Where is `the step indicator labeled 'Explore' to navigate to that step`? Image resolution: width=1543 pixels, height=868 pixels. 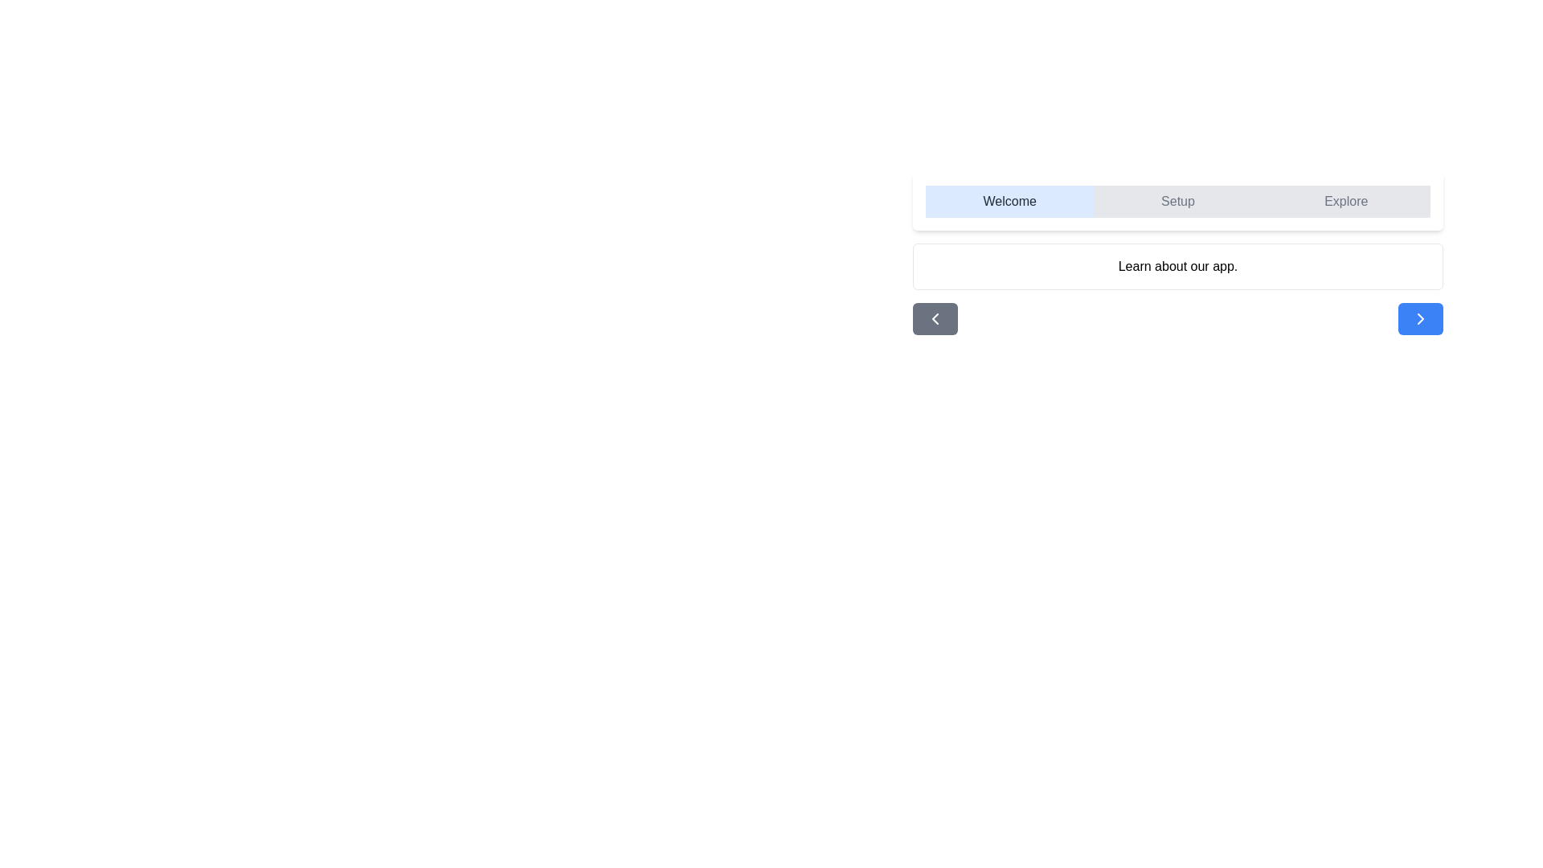 the step indicator labeled 'Explore' to navigate to that step is located at coordinates (1346, 200).